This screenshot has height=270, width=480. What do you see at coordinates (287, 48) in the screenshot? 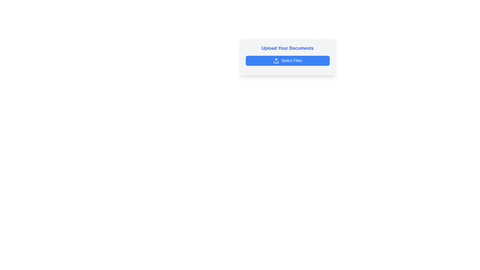
I see `the title text reading 'Upload Your Documents' which is styled in bold blue and located at the top center of the card, directly above the 'Select Files' button` at bounding box center [287, 48].